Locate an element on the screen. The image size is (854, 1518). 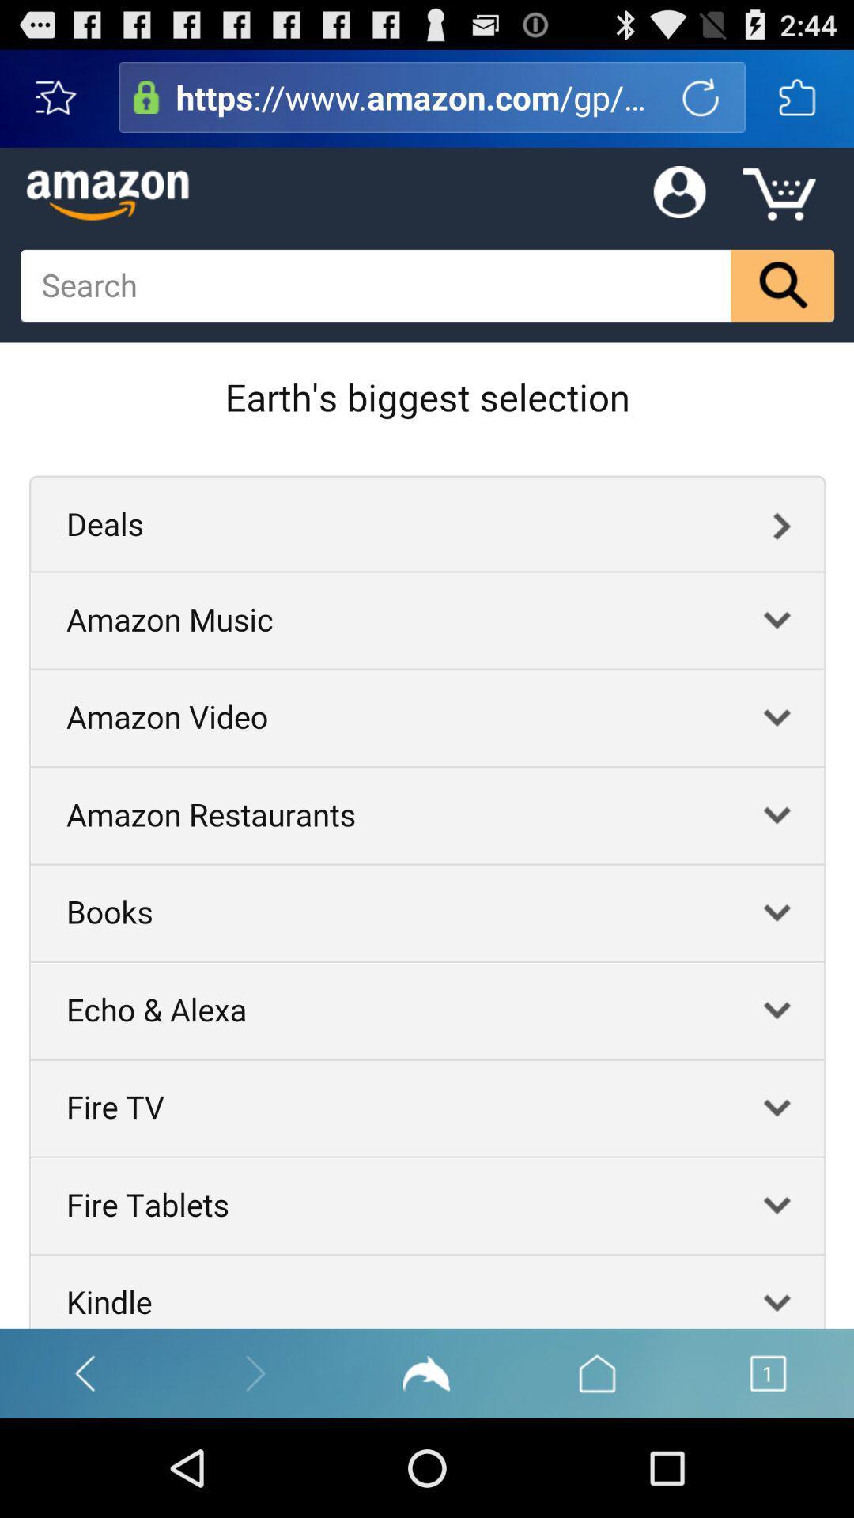
visit site information is located at coordinates (146, 96).